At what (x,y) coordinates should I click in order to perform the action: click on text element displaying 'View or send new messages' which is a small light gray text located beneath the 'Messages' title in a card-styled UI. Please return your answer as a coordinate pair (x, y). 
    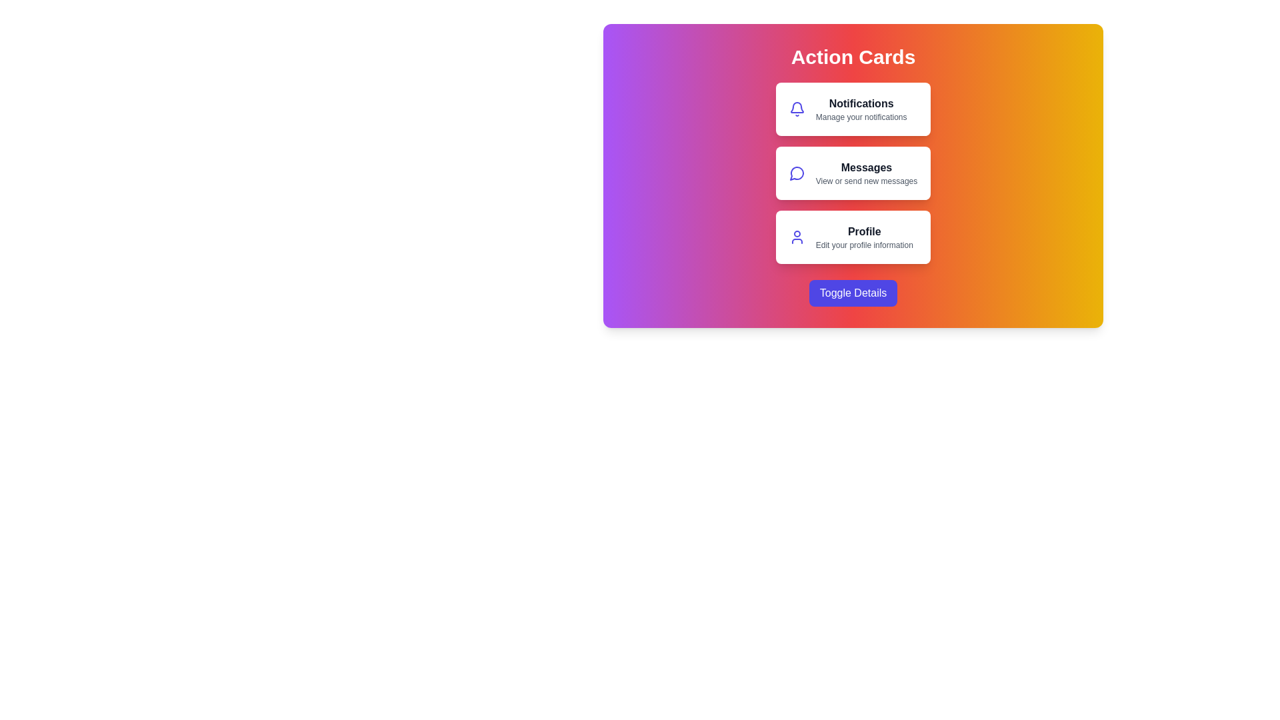
    Looking at the image, I should click on (867, 181).